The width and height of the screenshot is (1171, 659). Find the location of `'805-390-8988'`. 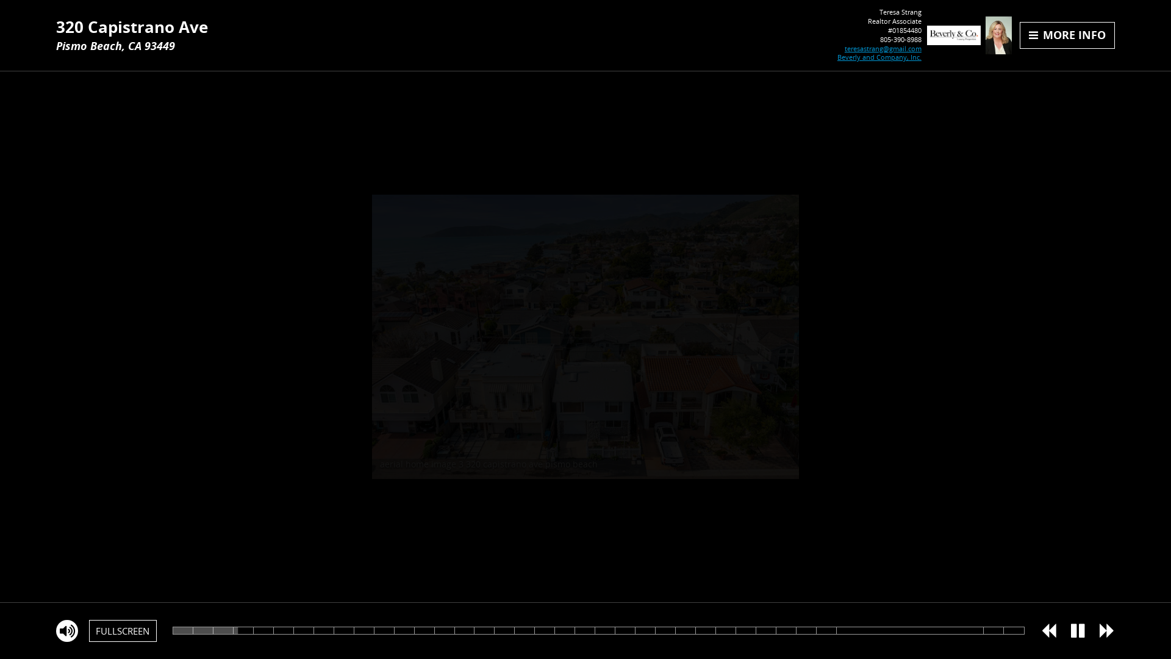

'805-390-8988' is located at coordinates (901, 38).